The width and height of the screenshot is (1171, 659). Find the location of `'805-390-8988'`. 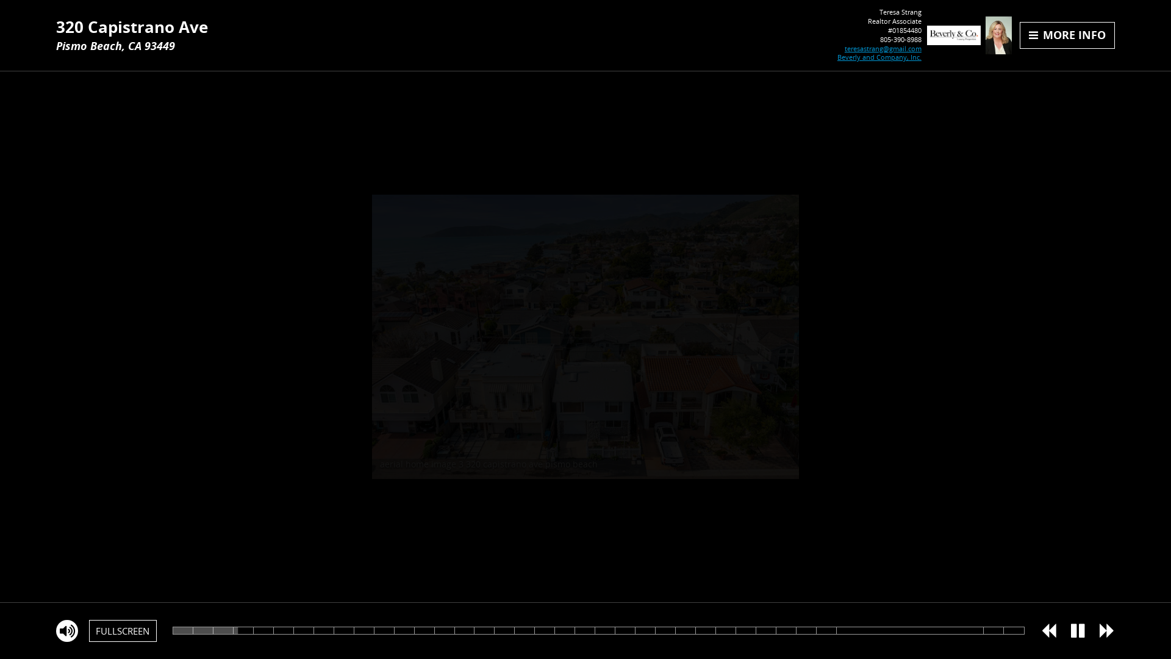

'805-390-8988' is located at coordinates (901, 38).